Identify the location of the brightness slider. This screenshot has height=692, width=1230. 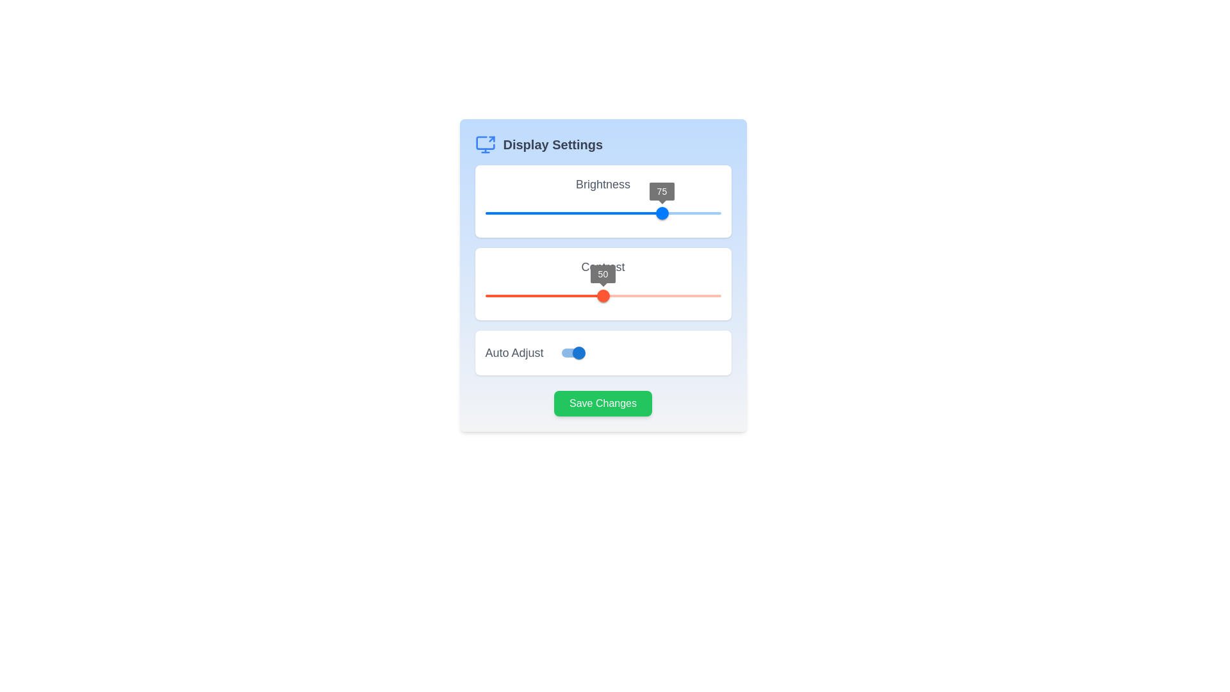
(561, 212).